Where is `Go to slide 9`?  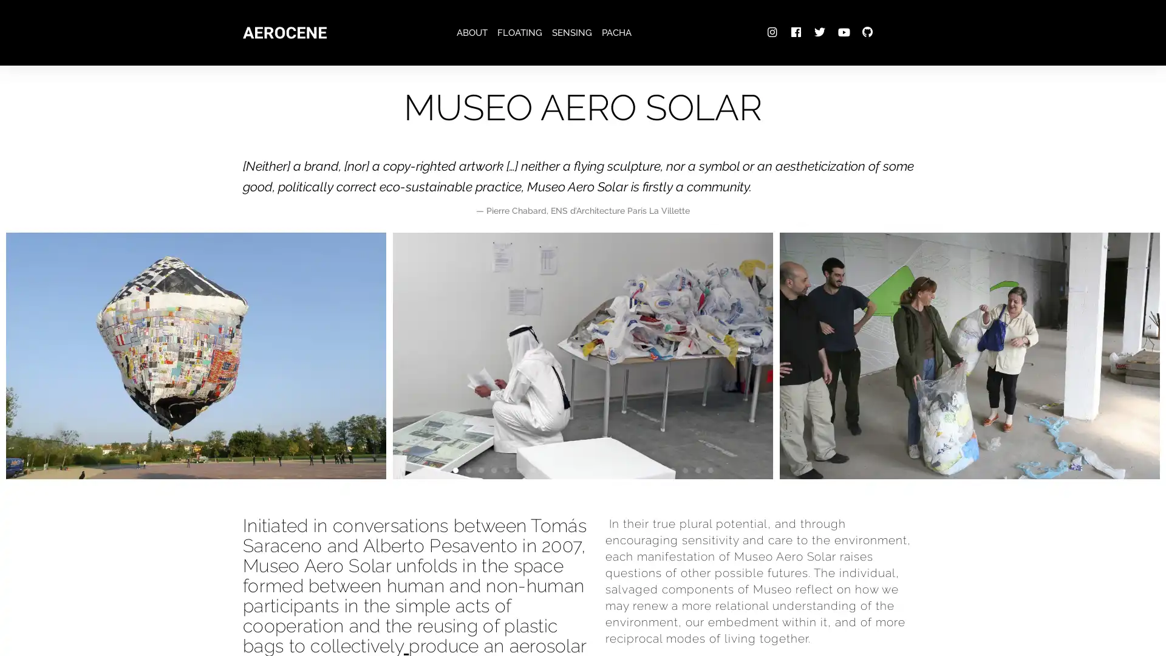
Go to slide 9 is located at coordinates (556, 470).